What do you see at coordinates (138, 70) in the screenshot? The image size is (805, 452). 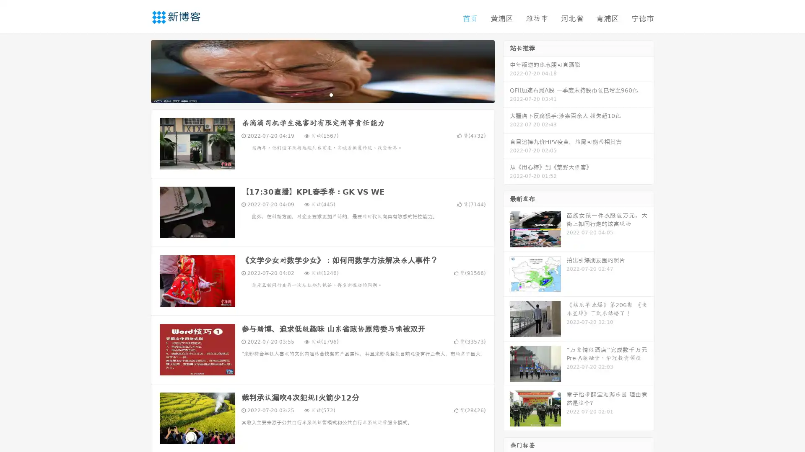 I see `Previous slide` at bounding box center [138, 70].